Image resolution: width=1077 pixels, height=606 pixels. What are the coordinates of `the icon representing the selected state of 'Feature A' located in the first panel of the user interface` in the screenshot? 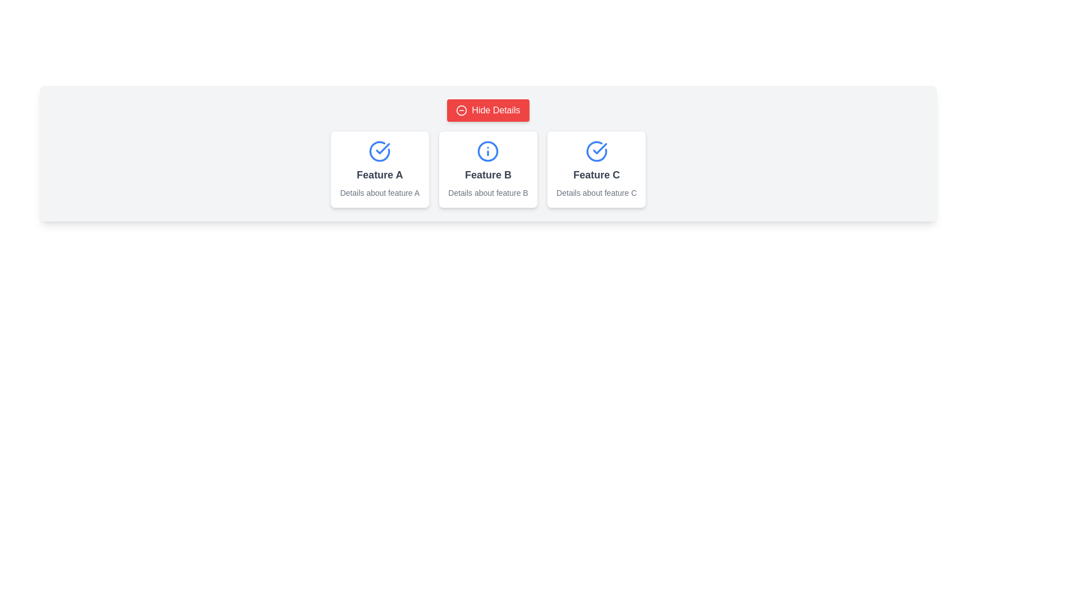 It's located at (380, 151).